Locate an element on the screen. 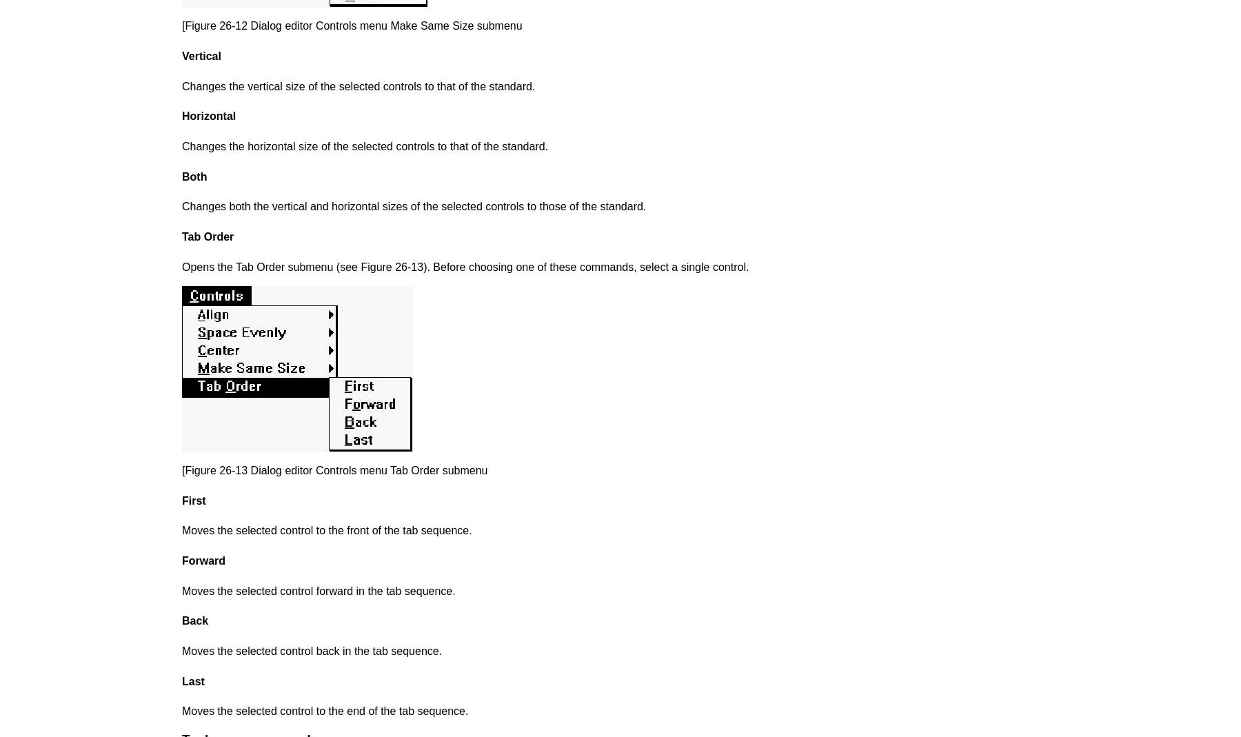  'First' is located at coordinates (192, 499).